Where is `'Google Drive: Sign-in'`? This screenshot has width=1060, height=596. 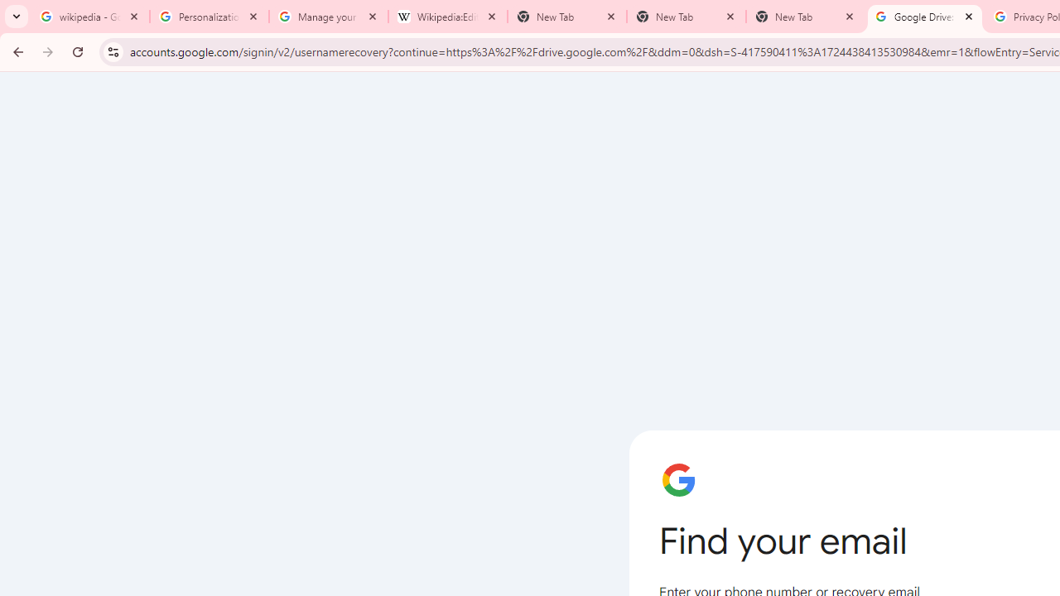
'Google Drive: Sign-in' is located at coordinates (923, 17).